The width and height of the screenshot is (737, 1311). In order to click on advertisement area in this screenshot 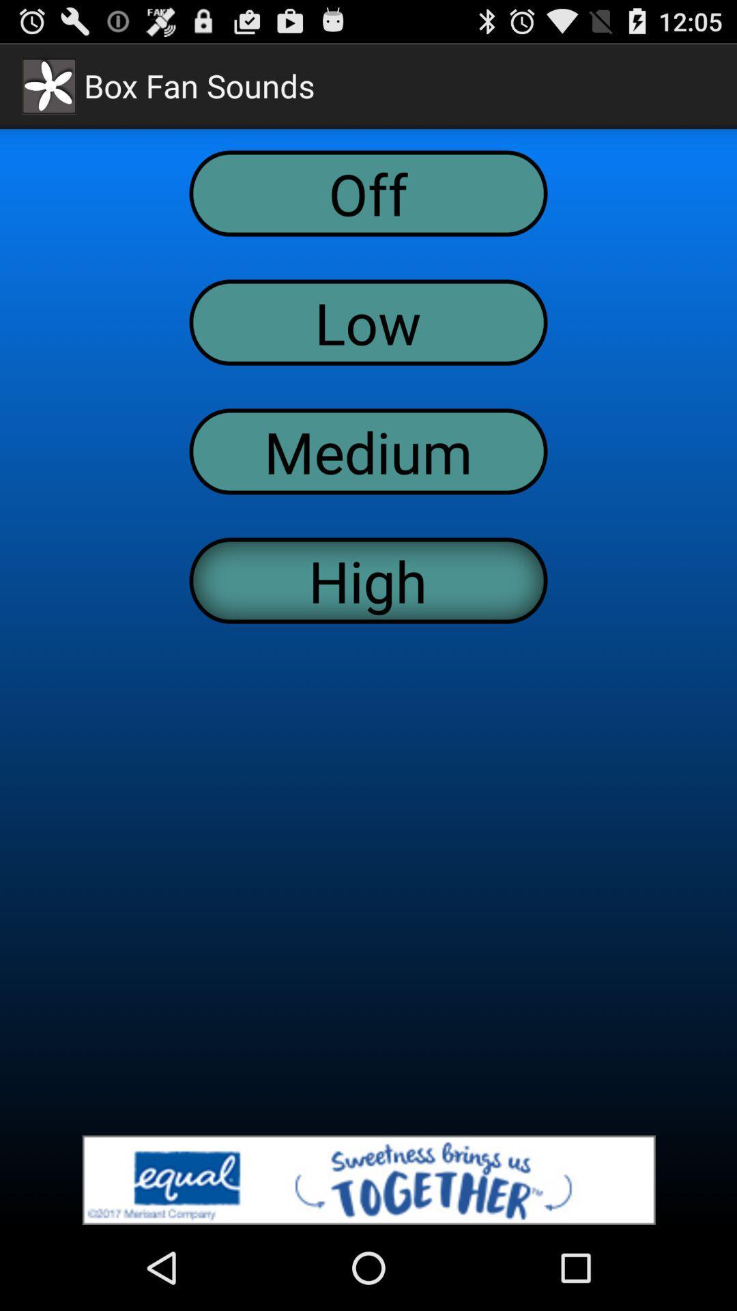, I will do `click(369, 1179)`.